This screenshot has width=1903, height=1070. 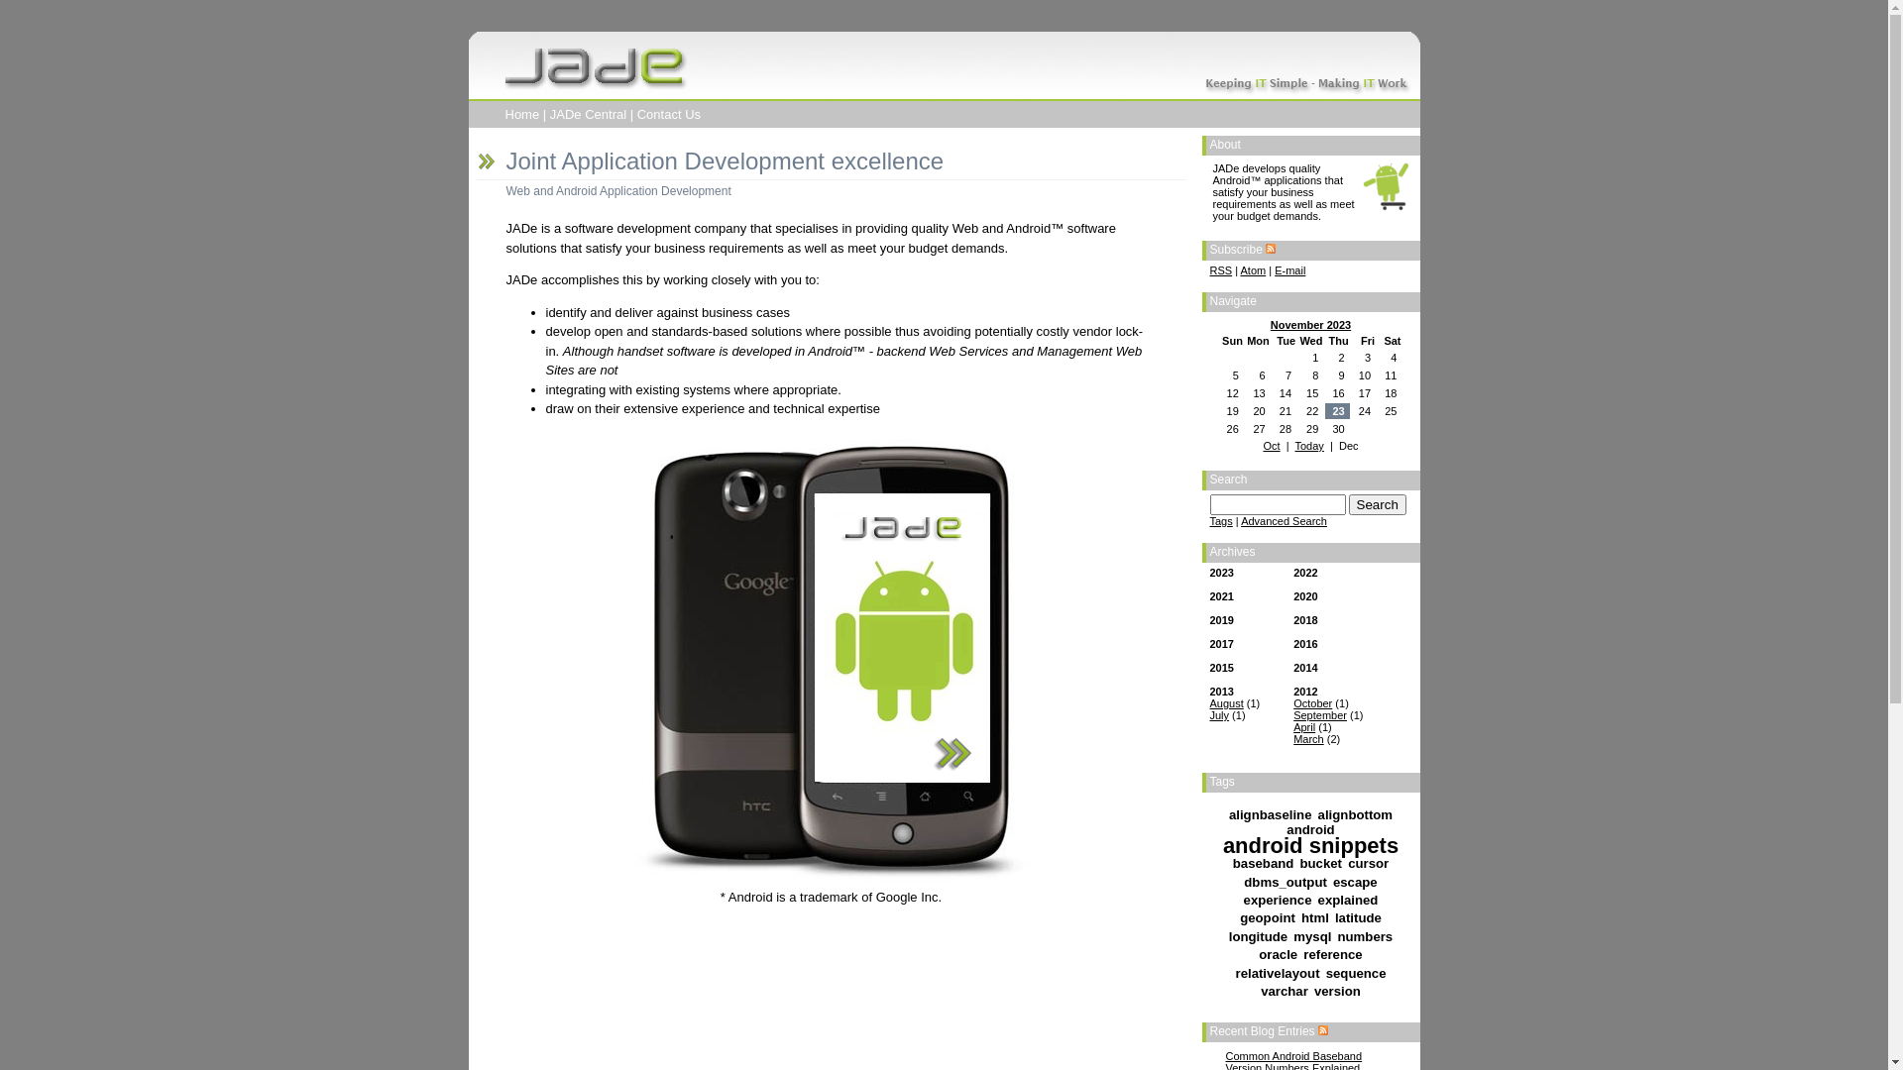 I want to click on 'alignbaseline', so click(x=1227, y=814).